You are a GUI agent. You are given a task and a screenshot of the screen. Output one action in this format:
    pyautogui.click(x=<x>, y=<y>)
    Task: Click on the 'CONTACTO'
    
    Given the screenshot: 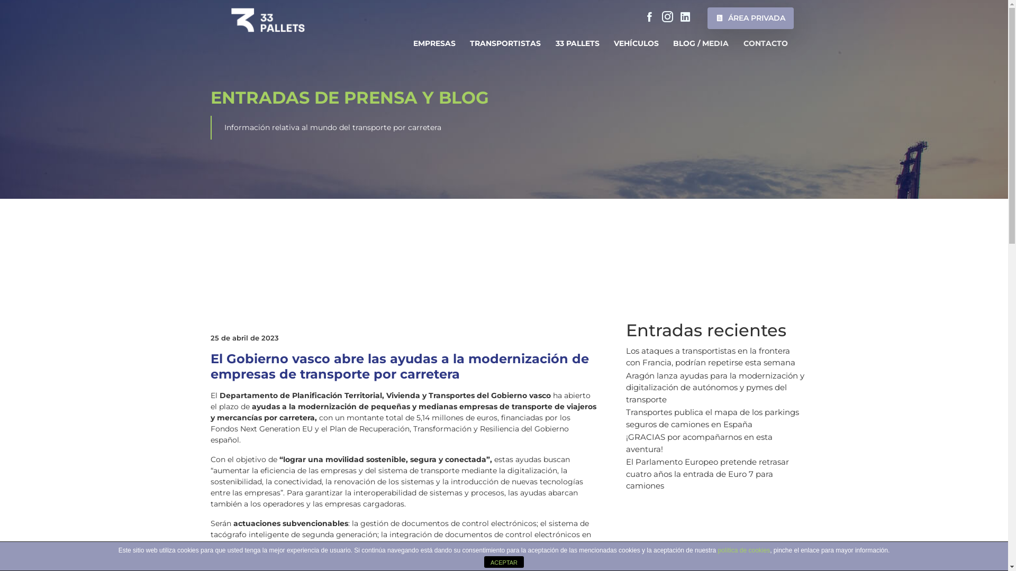 What is the action you would take?
    pyautogui.click(x=765, y=43)
    